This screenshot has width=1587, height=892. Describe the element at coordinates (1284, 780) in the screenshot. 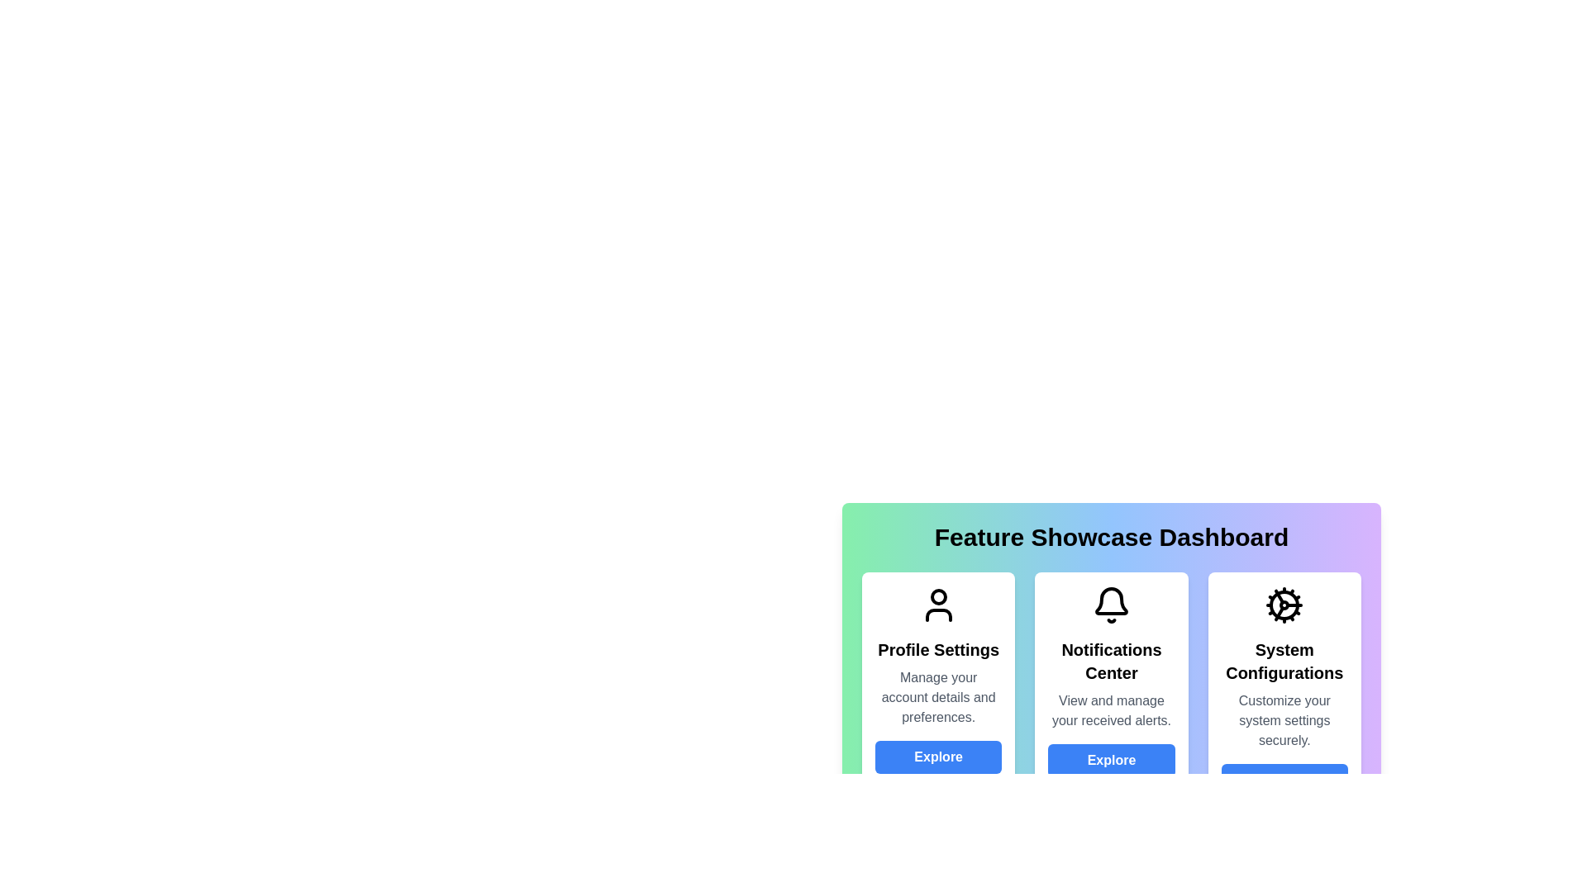

I see `the button at the bottom of the 'System Configurations' card in the 'Feature Showcase Dashboard' and activate it` at that location.